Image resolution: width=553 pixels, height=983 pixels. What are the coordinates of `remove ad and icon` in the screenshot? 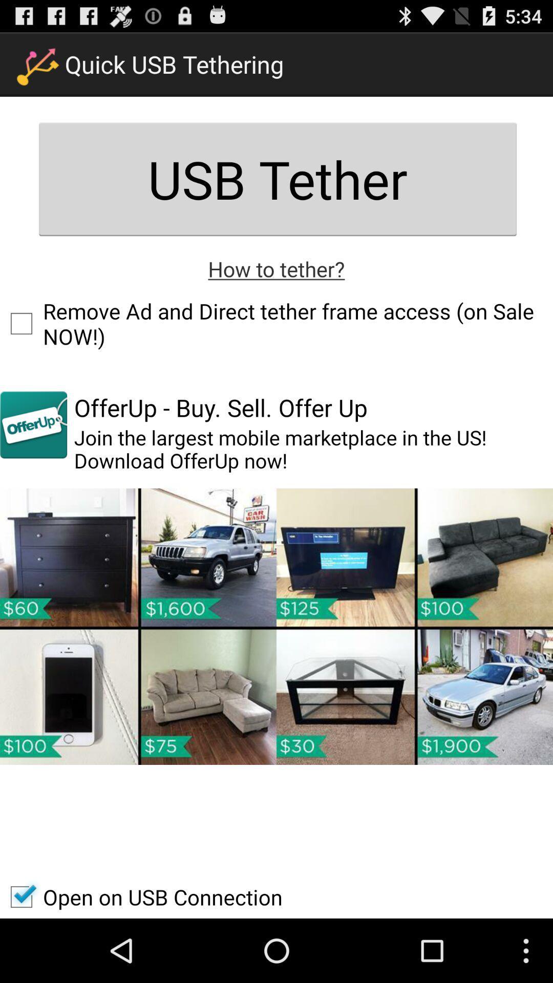 It's located at (276, 323).